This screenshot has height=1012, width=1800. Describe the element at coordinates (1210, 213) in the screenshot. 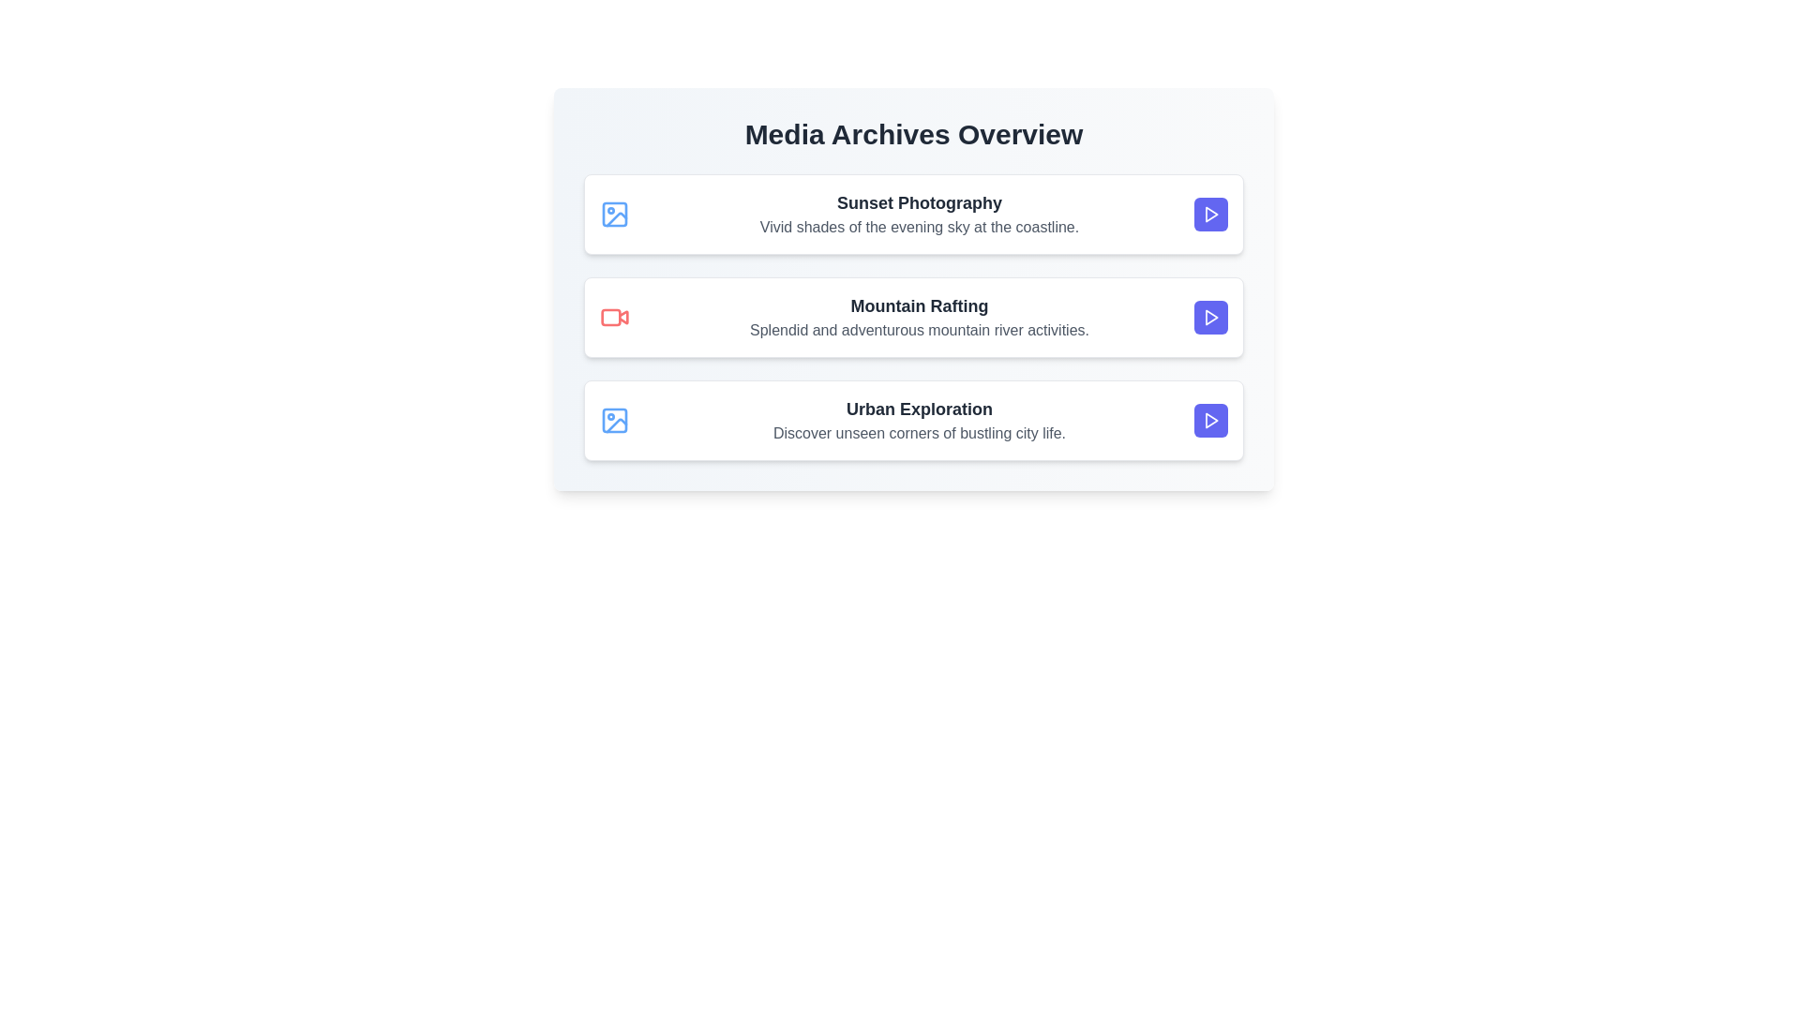

I see `the play button for the media item titled 'Sunset Photography'` at that location.